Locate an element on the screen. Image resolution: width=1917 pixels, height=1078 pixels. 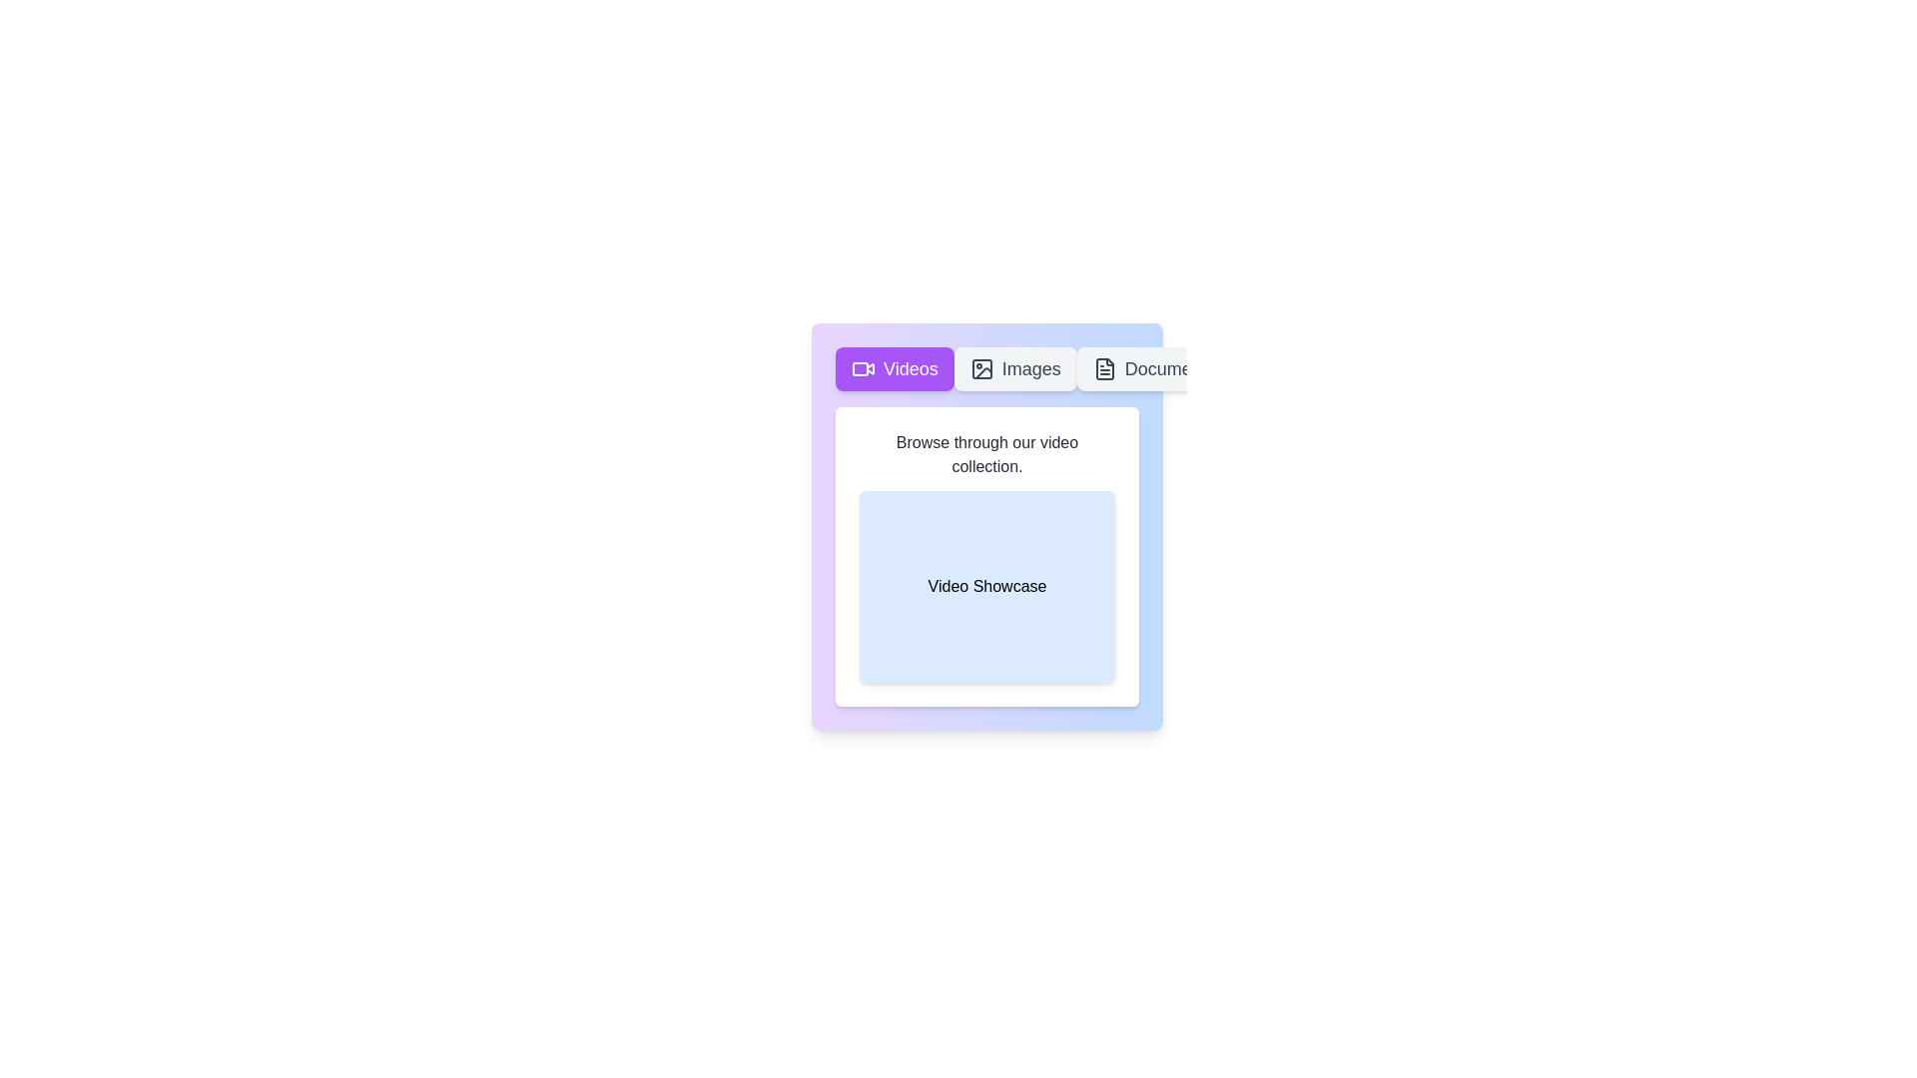
the 'Documents' tab icon is located at coordinates (1103, 369).